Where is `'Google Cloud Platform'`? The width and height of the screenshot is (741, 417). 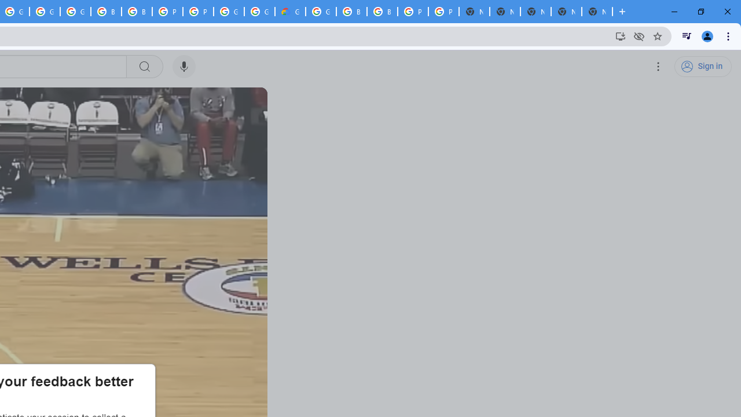
'Google Cloud Platform' is located at coordinates (259, 12).